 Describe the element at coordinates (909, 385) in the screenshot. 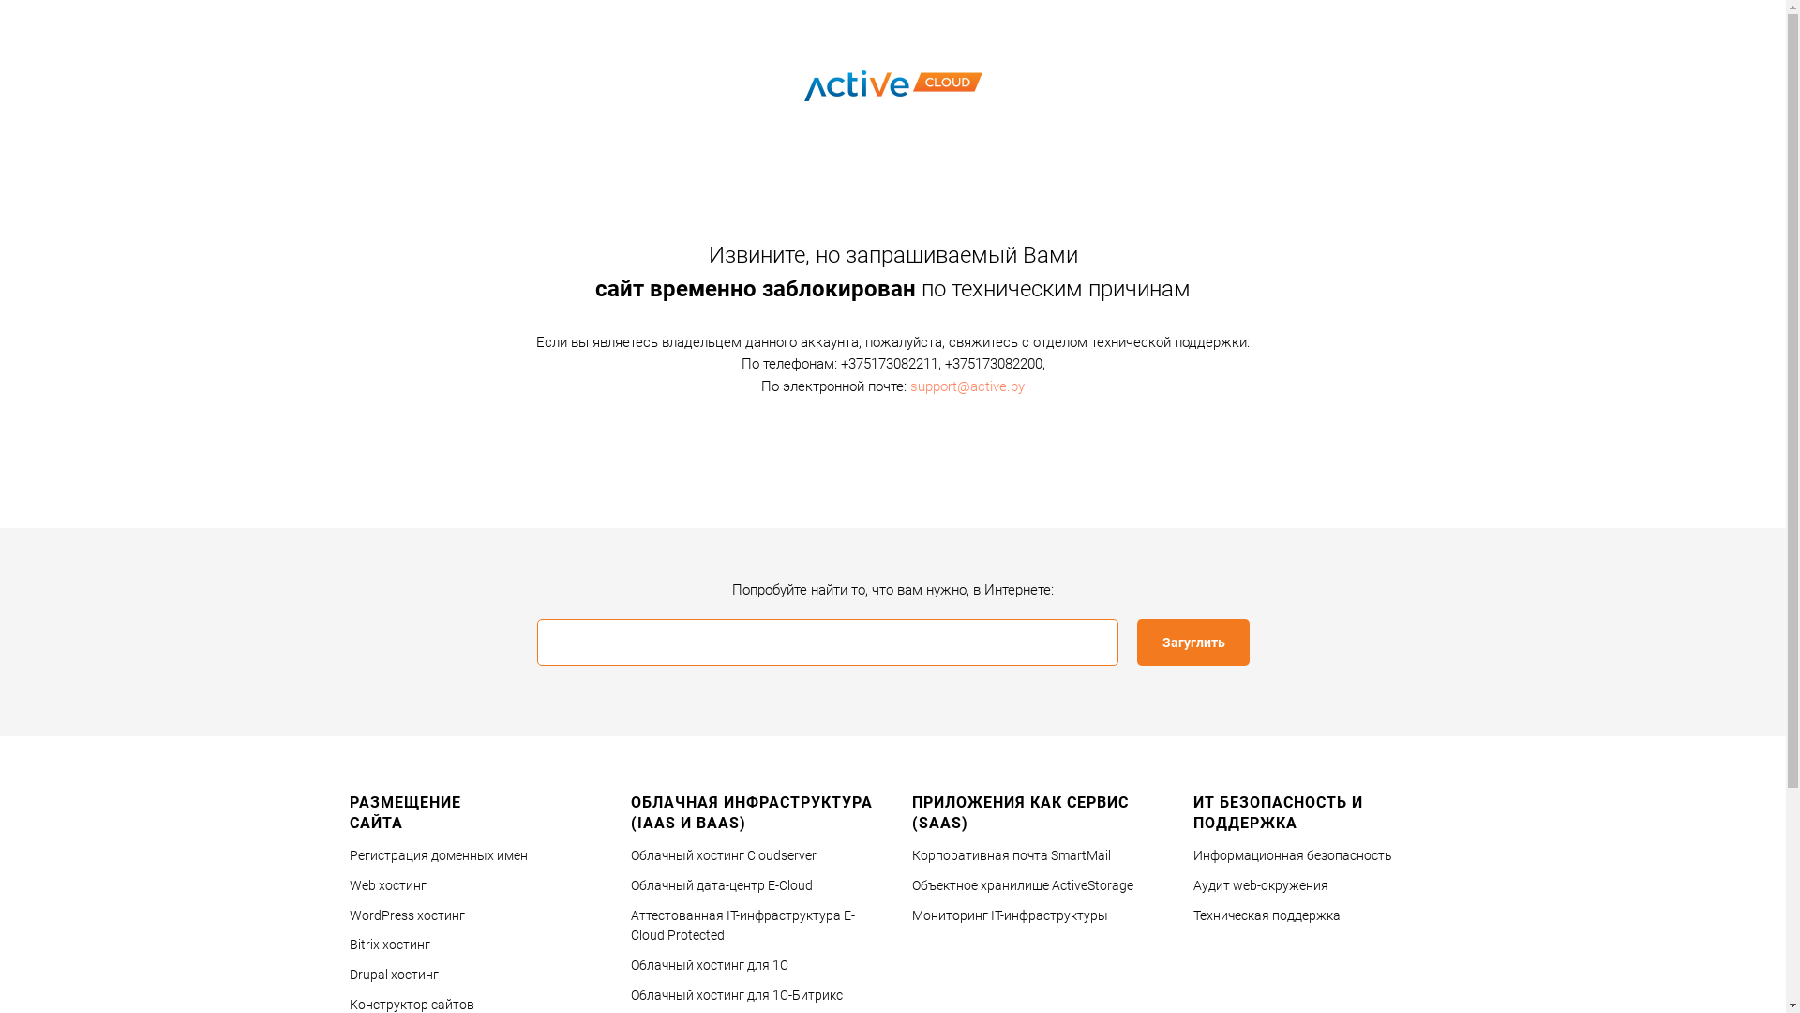

I see `'support@active.by'` at that location.